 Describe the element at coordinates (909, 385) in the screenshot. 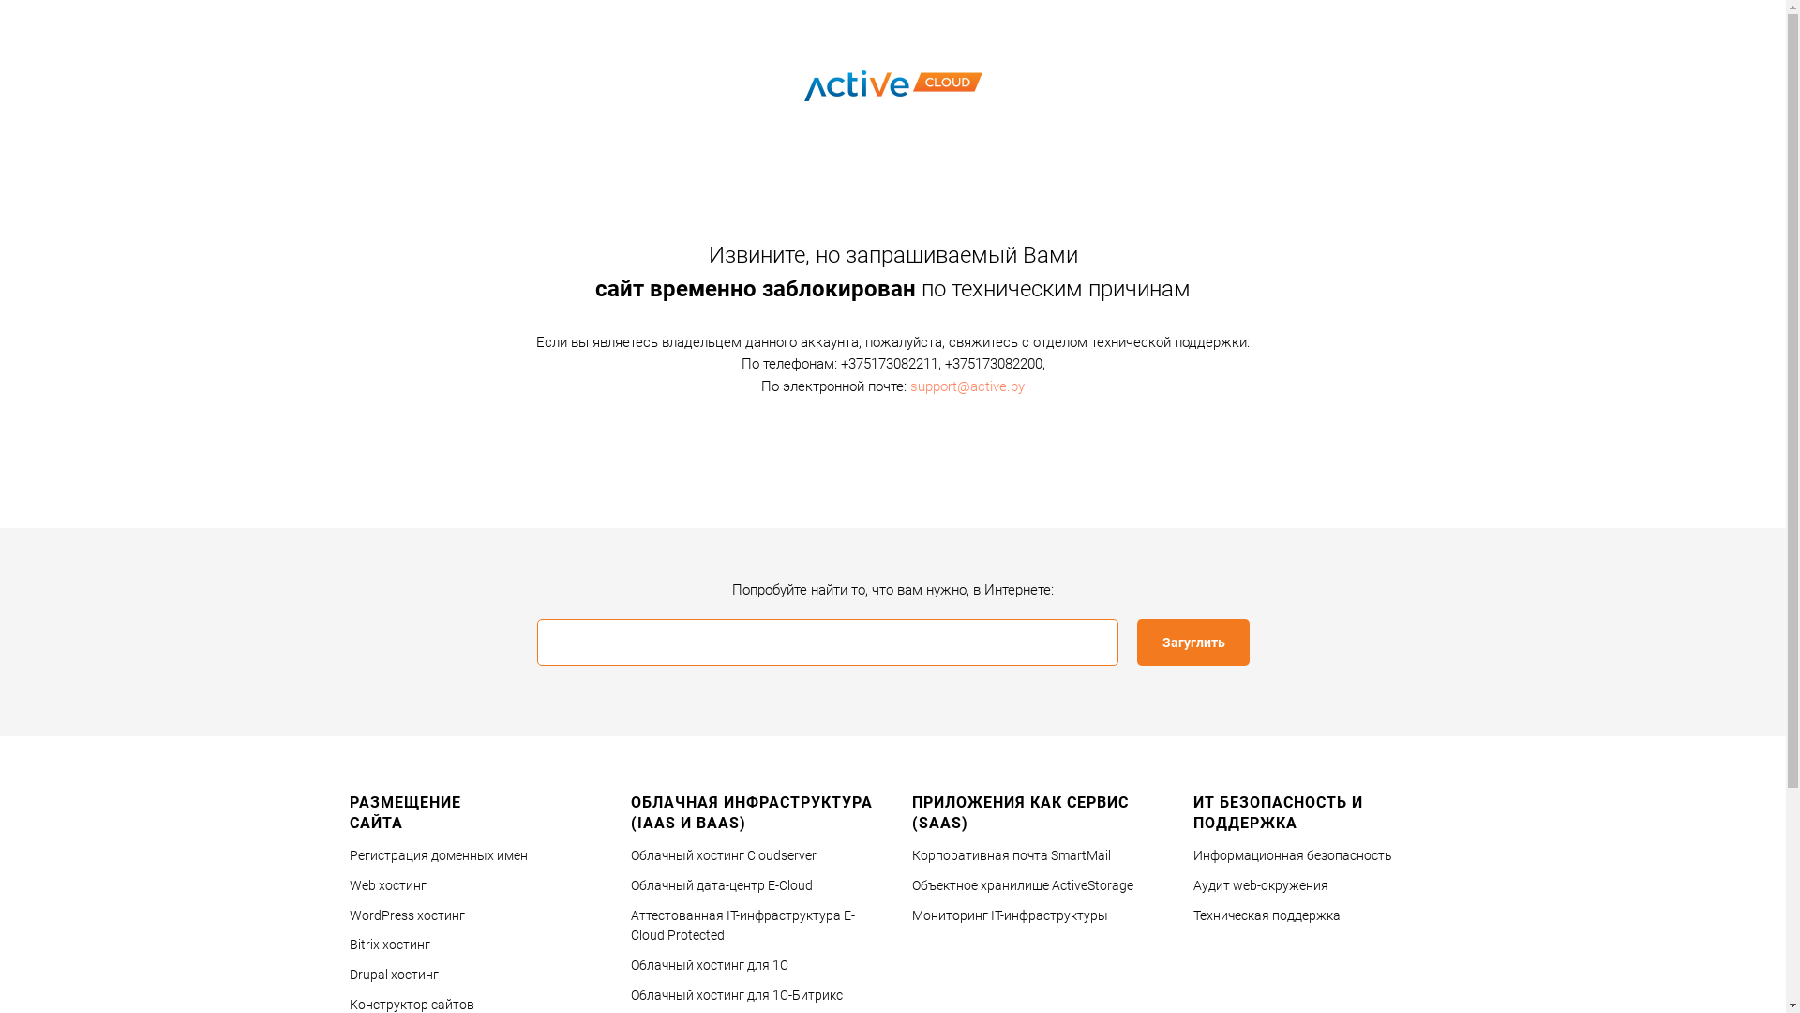

I see `'support@active.by'` at that location.